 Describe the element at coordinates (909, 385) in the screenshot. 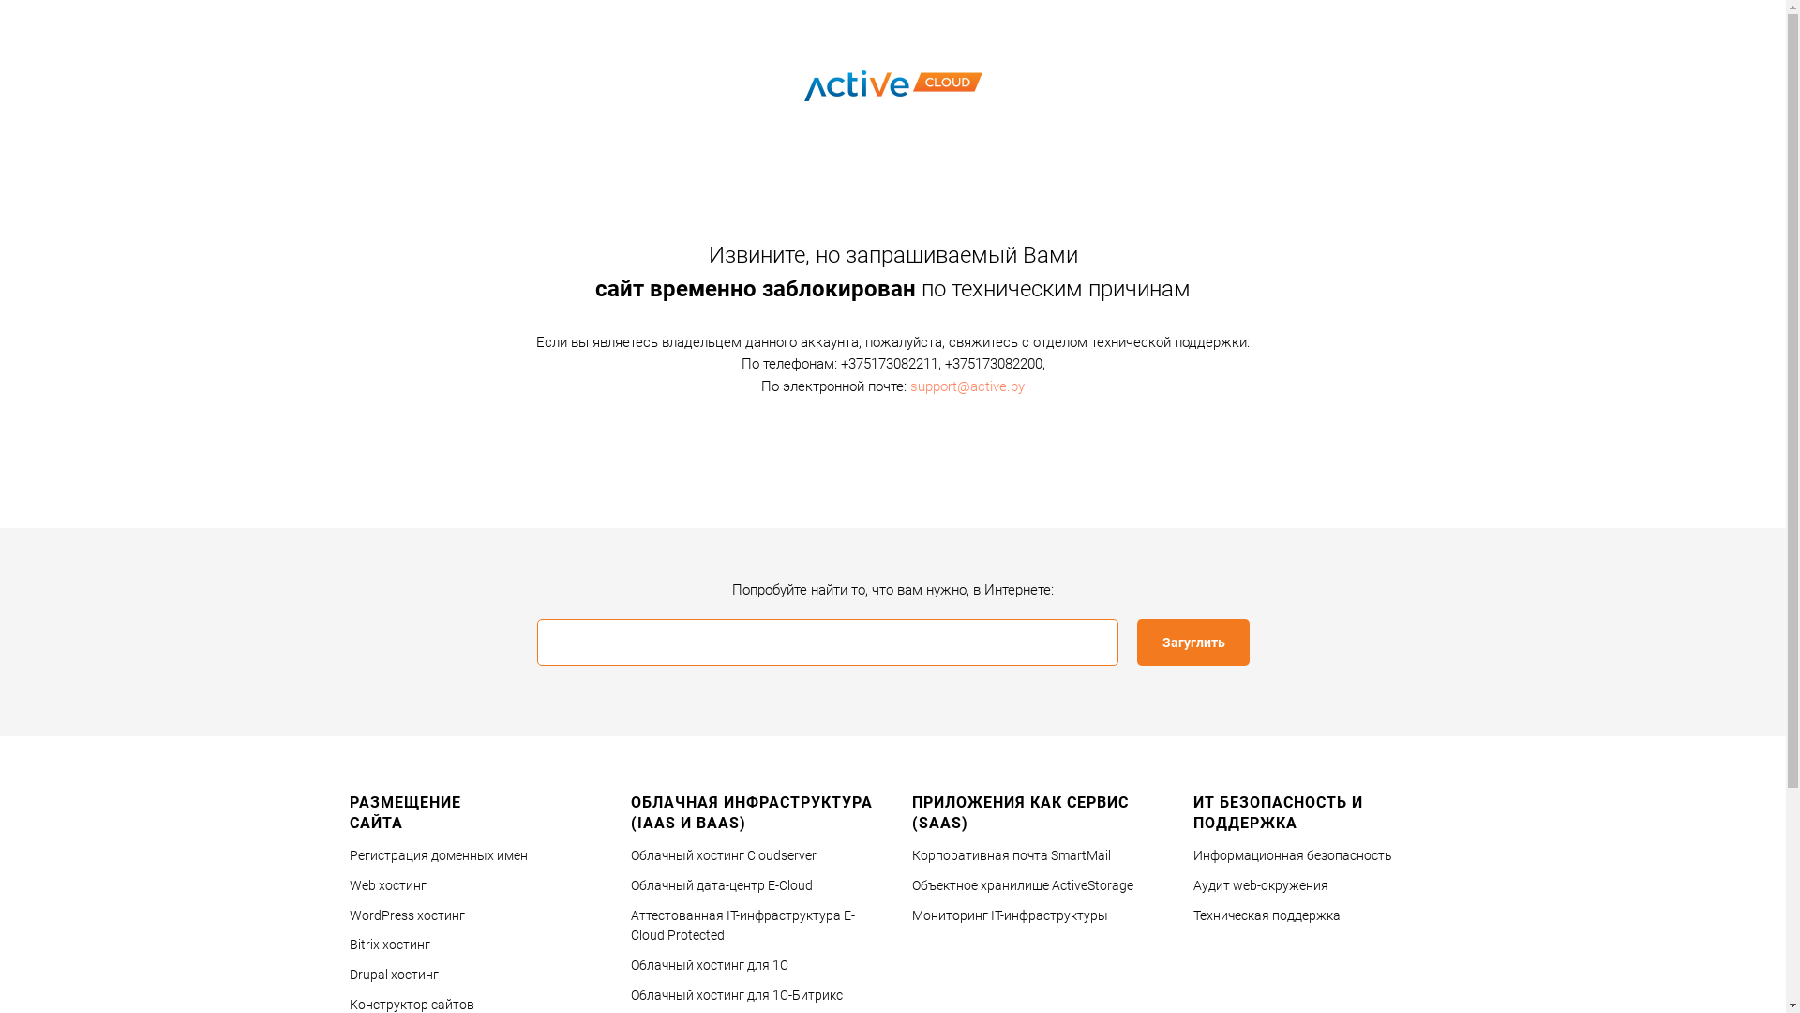

I see `'support@active.by'` at that location.